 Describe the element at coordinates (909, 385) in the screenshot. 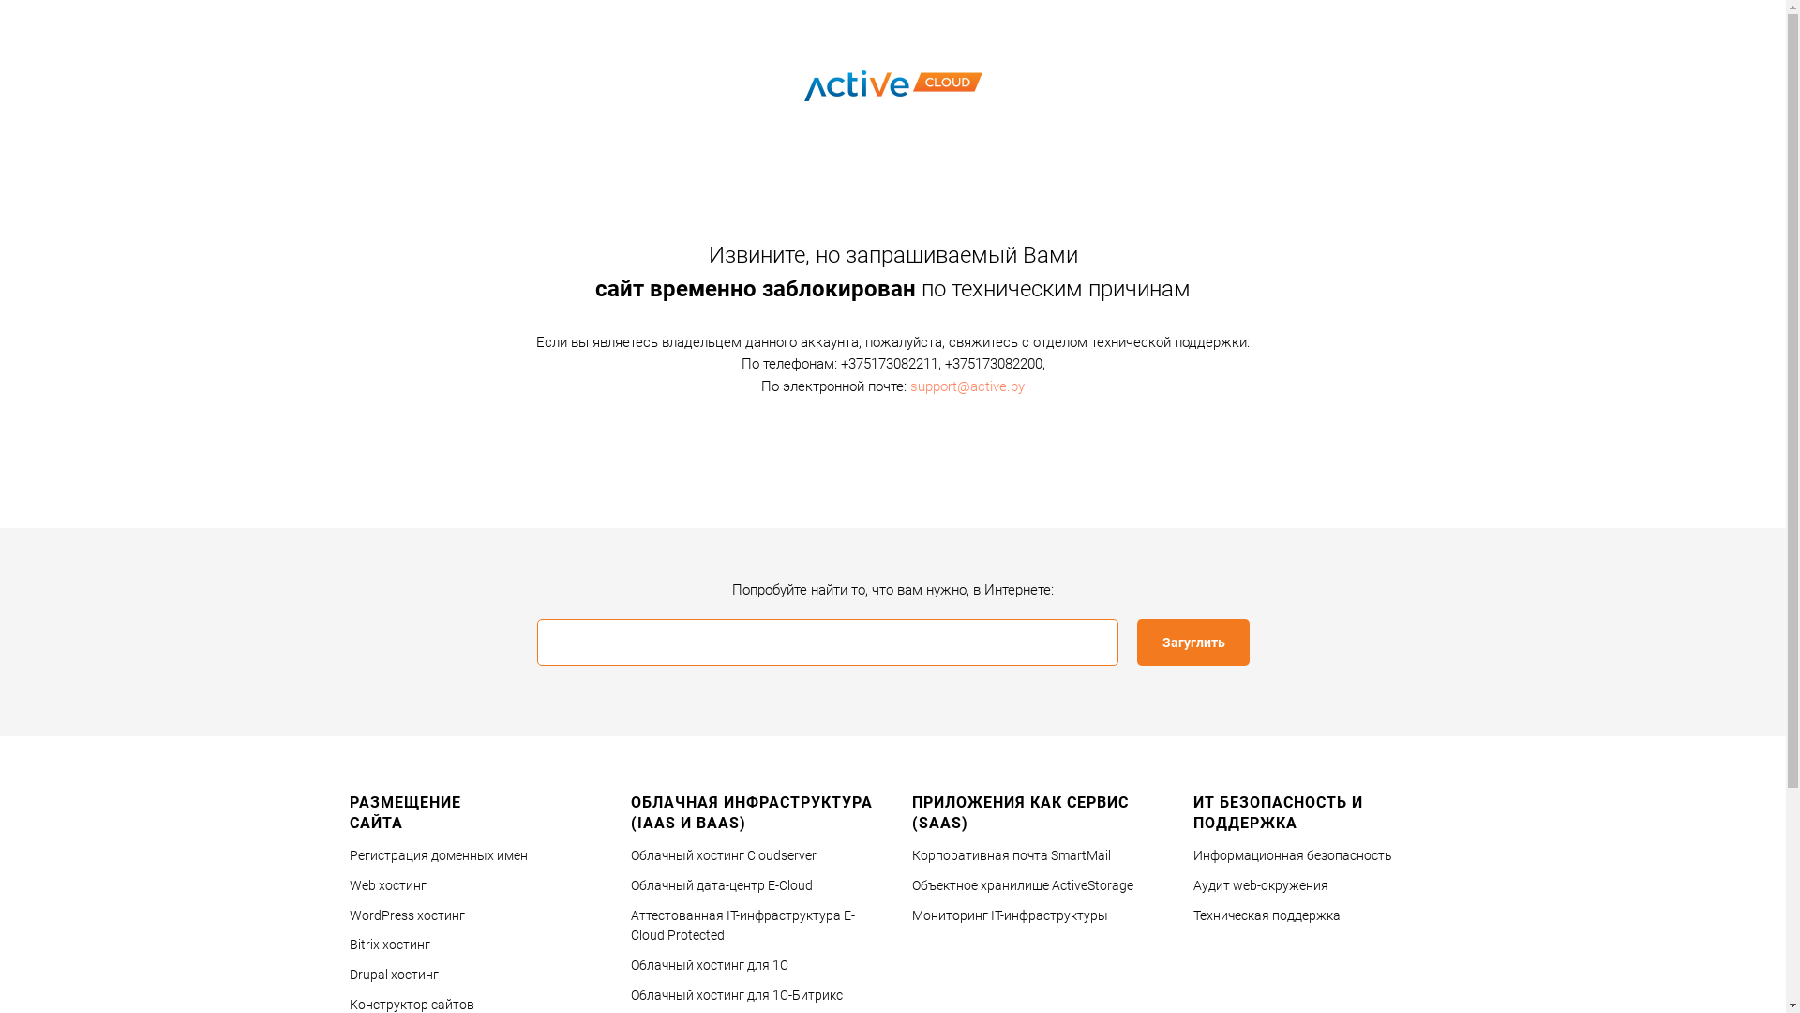

I see `'support@active.by'` at that location.